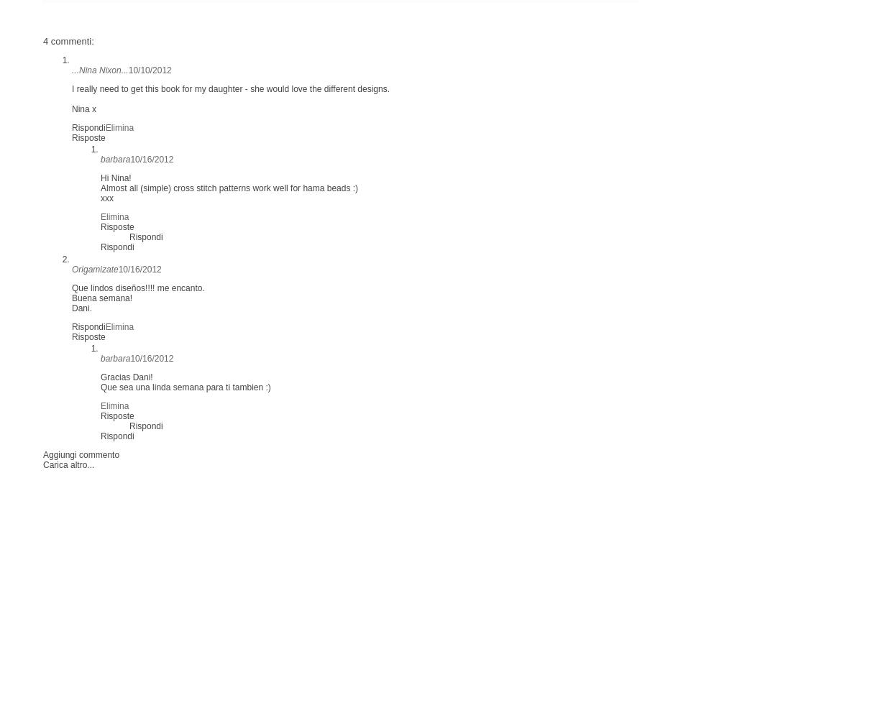  Describe the element at coordinates (68, 464) in the screenshot. I see `'Carica altro...'` at that location.